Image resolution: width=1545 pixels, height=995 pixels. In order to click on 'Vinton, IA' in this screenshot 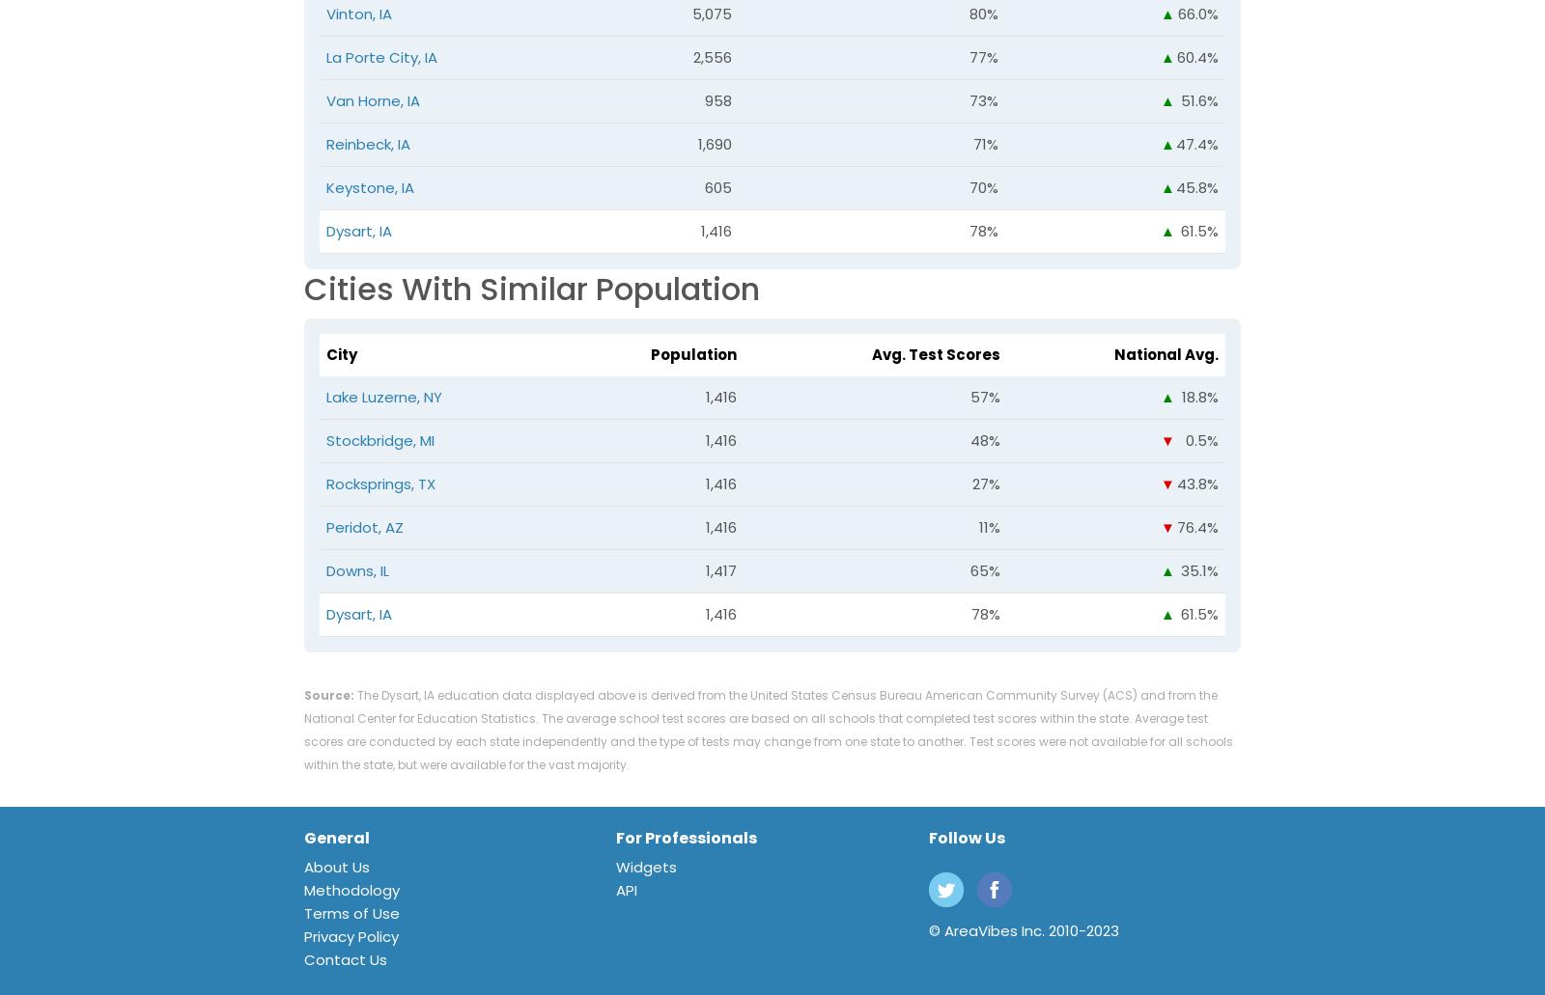, I will do `click(359, 13)`.